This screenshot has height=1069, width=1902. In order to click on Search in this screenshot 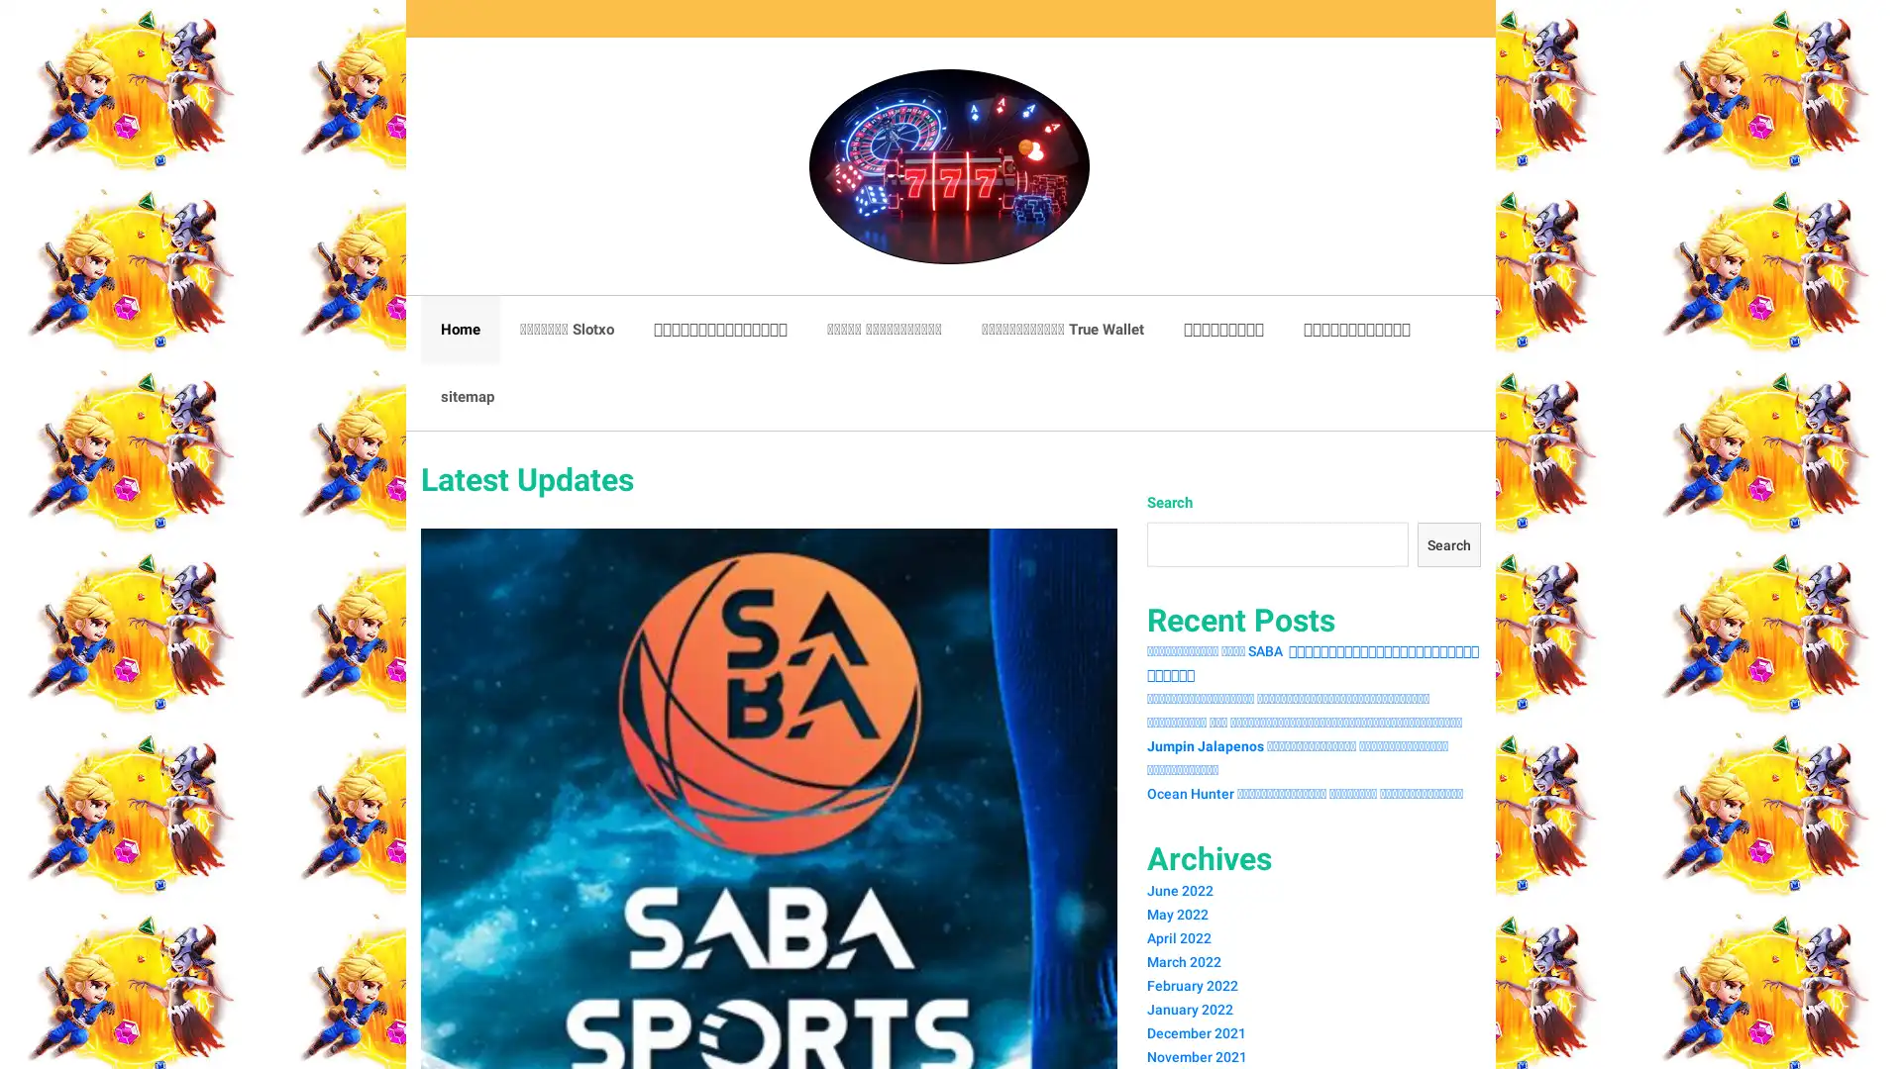, I will do `click(1446, 544)`.